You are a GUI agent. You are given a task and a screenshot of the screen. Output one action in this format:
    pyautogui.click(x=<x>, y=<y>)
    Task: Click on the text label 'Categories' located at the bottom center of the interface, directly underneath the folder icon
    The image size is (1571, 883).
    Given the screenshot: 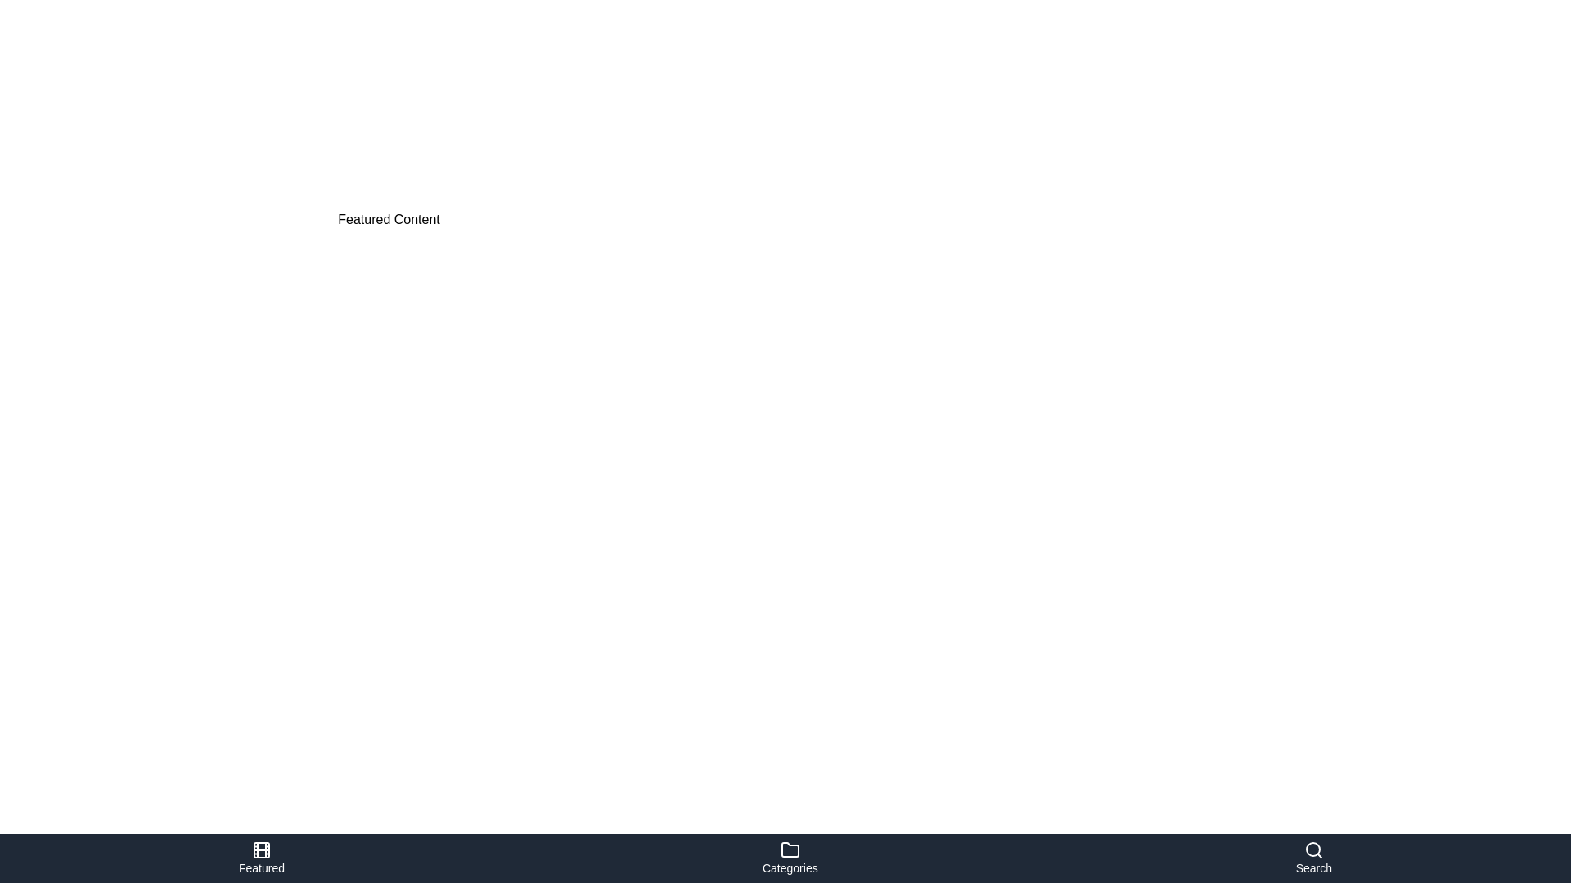 What is the action you would take?
    pyautogui.click(x=790, y=867)
    